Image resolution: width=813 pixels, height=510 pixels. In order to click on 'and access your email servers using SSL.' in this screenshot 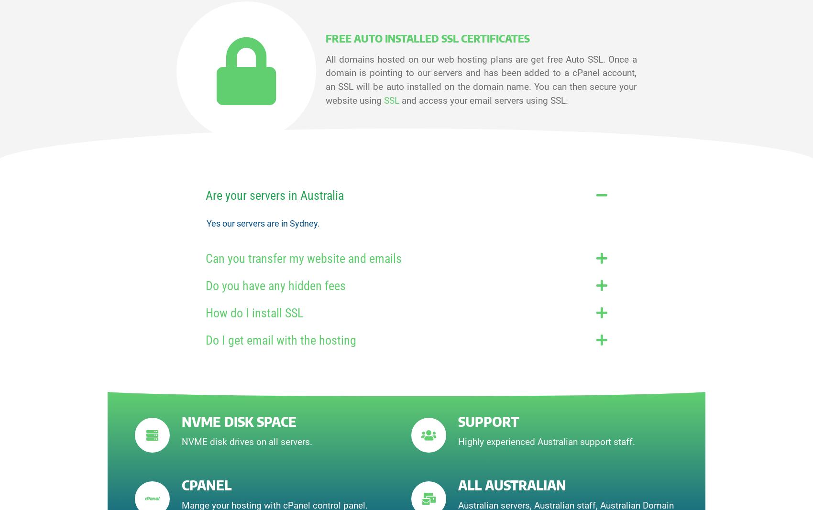, I will do `click(483, 100)`.